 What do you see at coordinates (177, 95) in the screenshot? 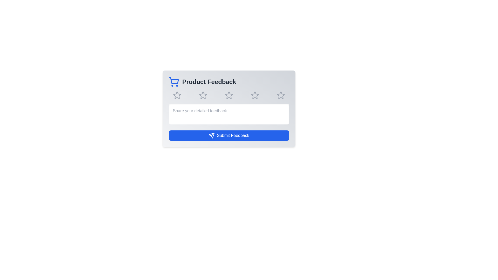
I see `the first star-shaped rating icon, which is outlined in light gray and represents a one-star rating in the horizontal sequence of stars below the 'Product Feedback' title` at bounding box center [177, 95].